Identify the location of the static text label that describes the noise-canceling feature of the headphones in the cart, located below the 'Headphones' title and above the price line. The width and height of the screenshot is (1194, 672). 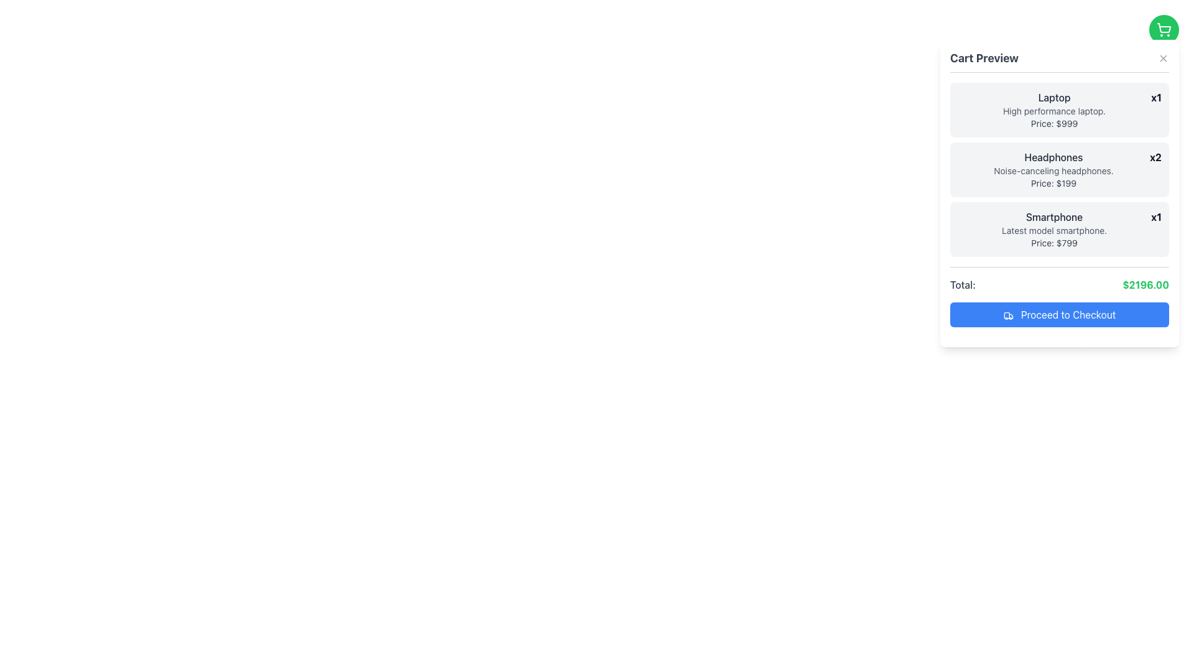
(1053, 170).